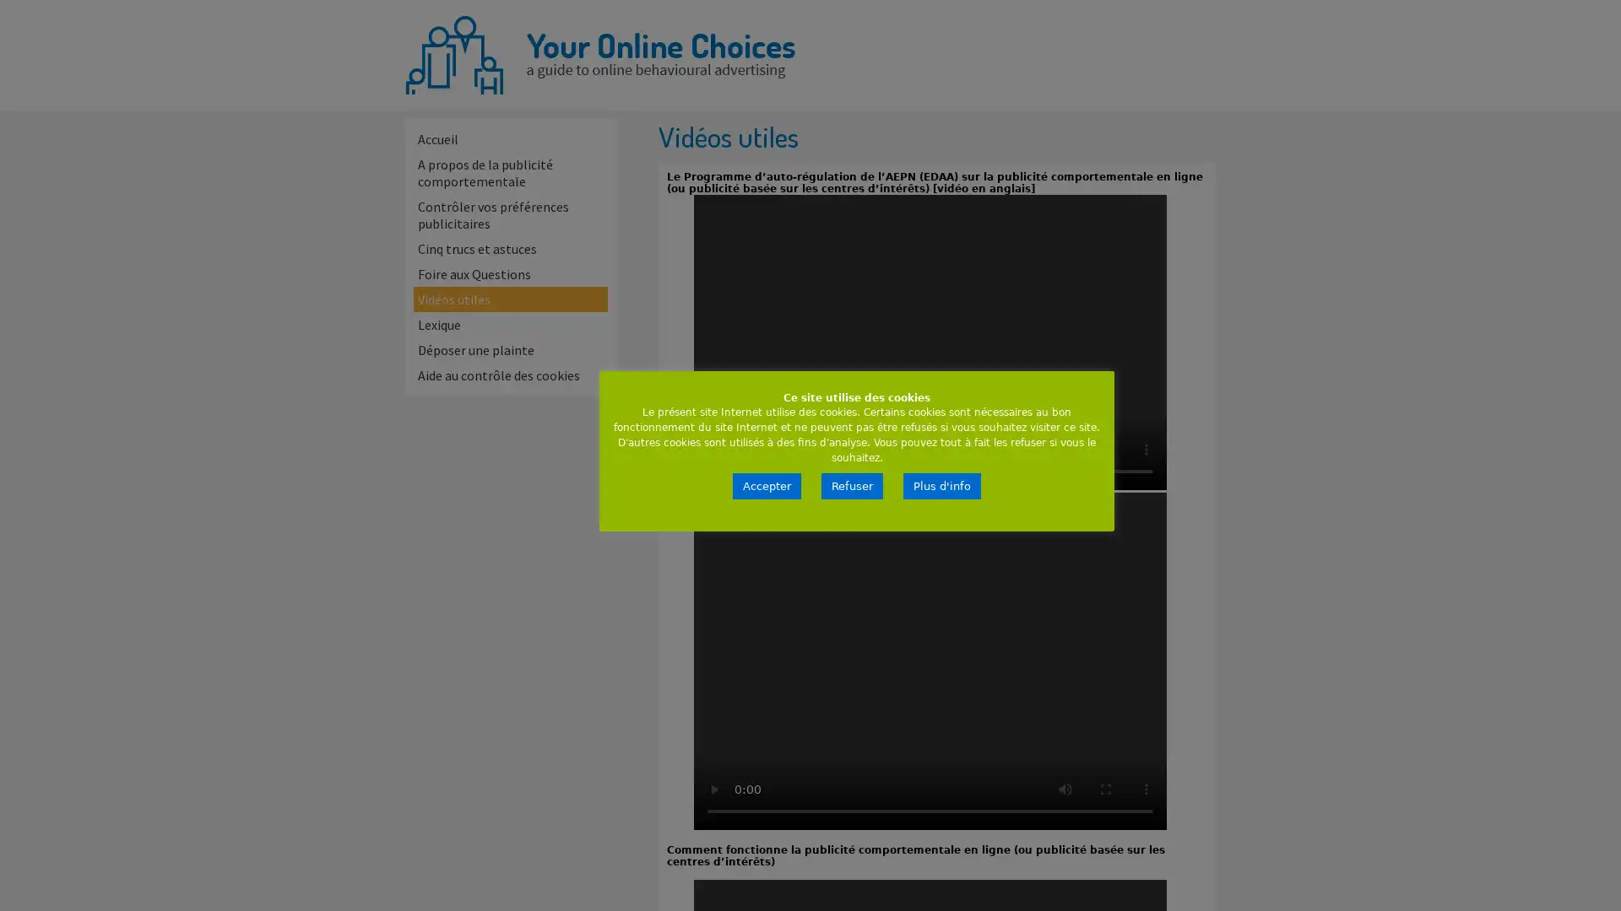 The width and height of the screenshot is (1621, 911). Describe the element at coordinates (766, 486) in the screenshot. I see `Accepter` at that location.